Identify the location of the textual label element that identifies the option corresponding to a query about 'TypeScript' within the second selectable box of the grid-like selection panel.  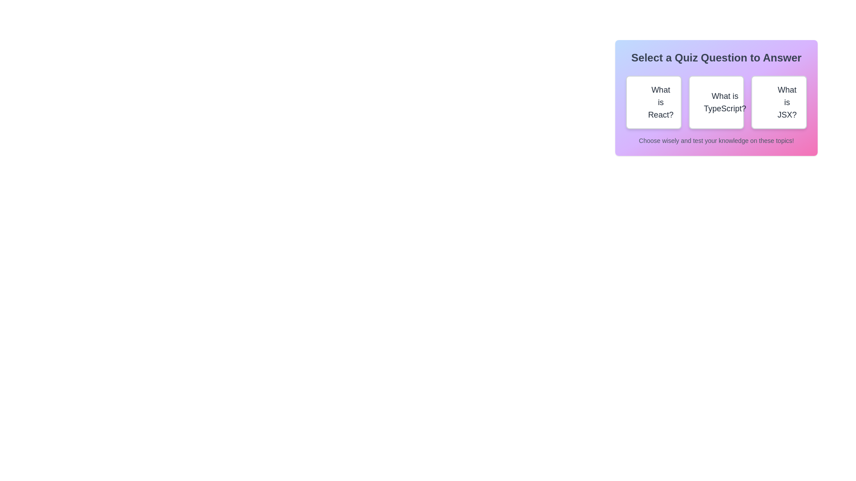
(725, 102).